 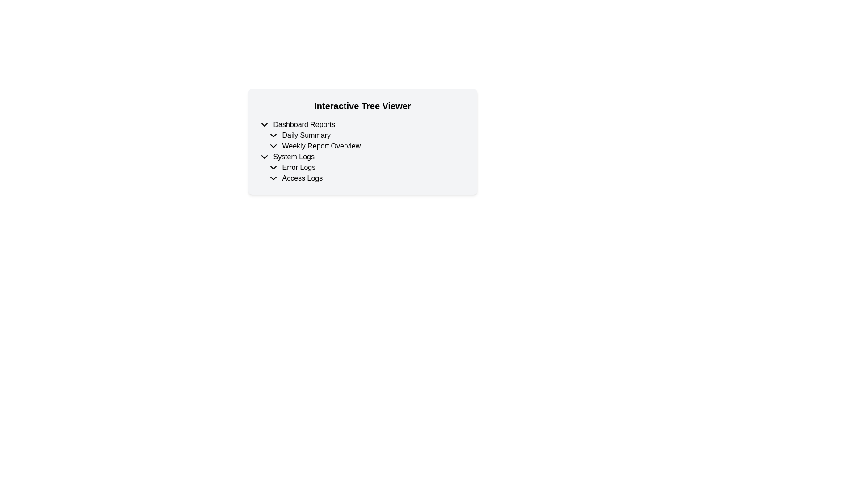 What do you see at coordinates (306, 136) in the screenshot?
I see `static text label displaying 'Daily Summary', which is part of the nested list structure under 'Dashboard Reports' in the collapsible menu 'Interactive Tree Viewer'` at bounding box center [306, 136].